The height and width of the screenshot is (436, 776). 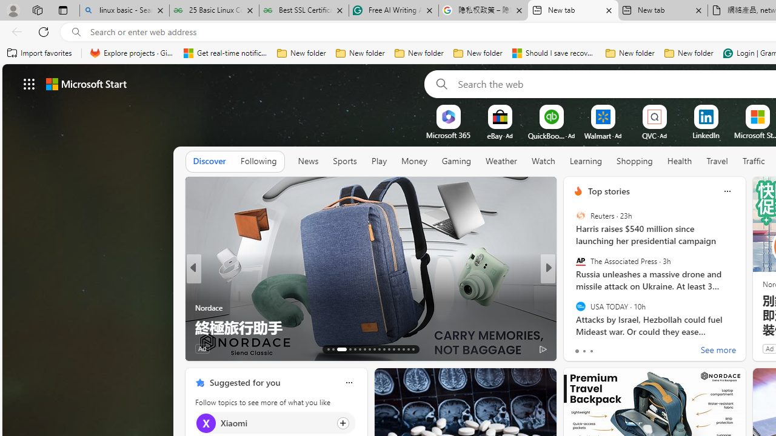 I want to click on 'View comments 70 Comment', so click(x=637, y=348).